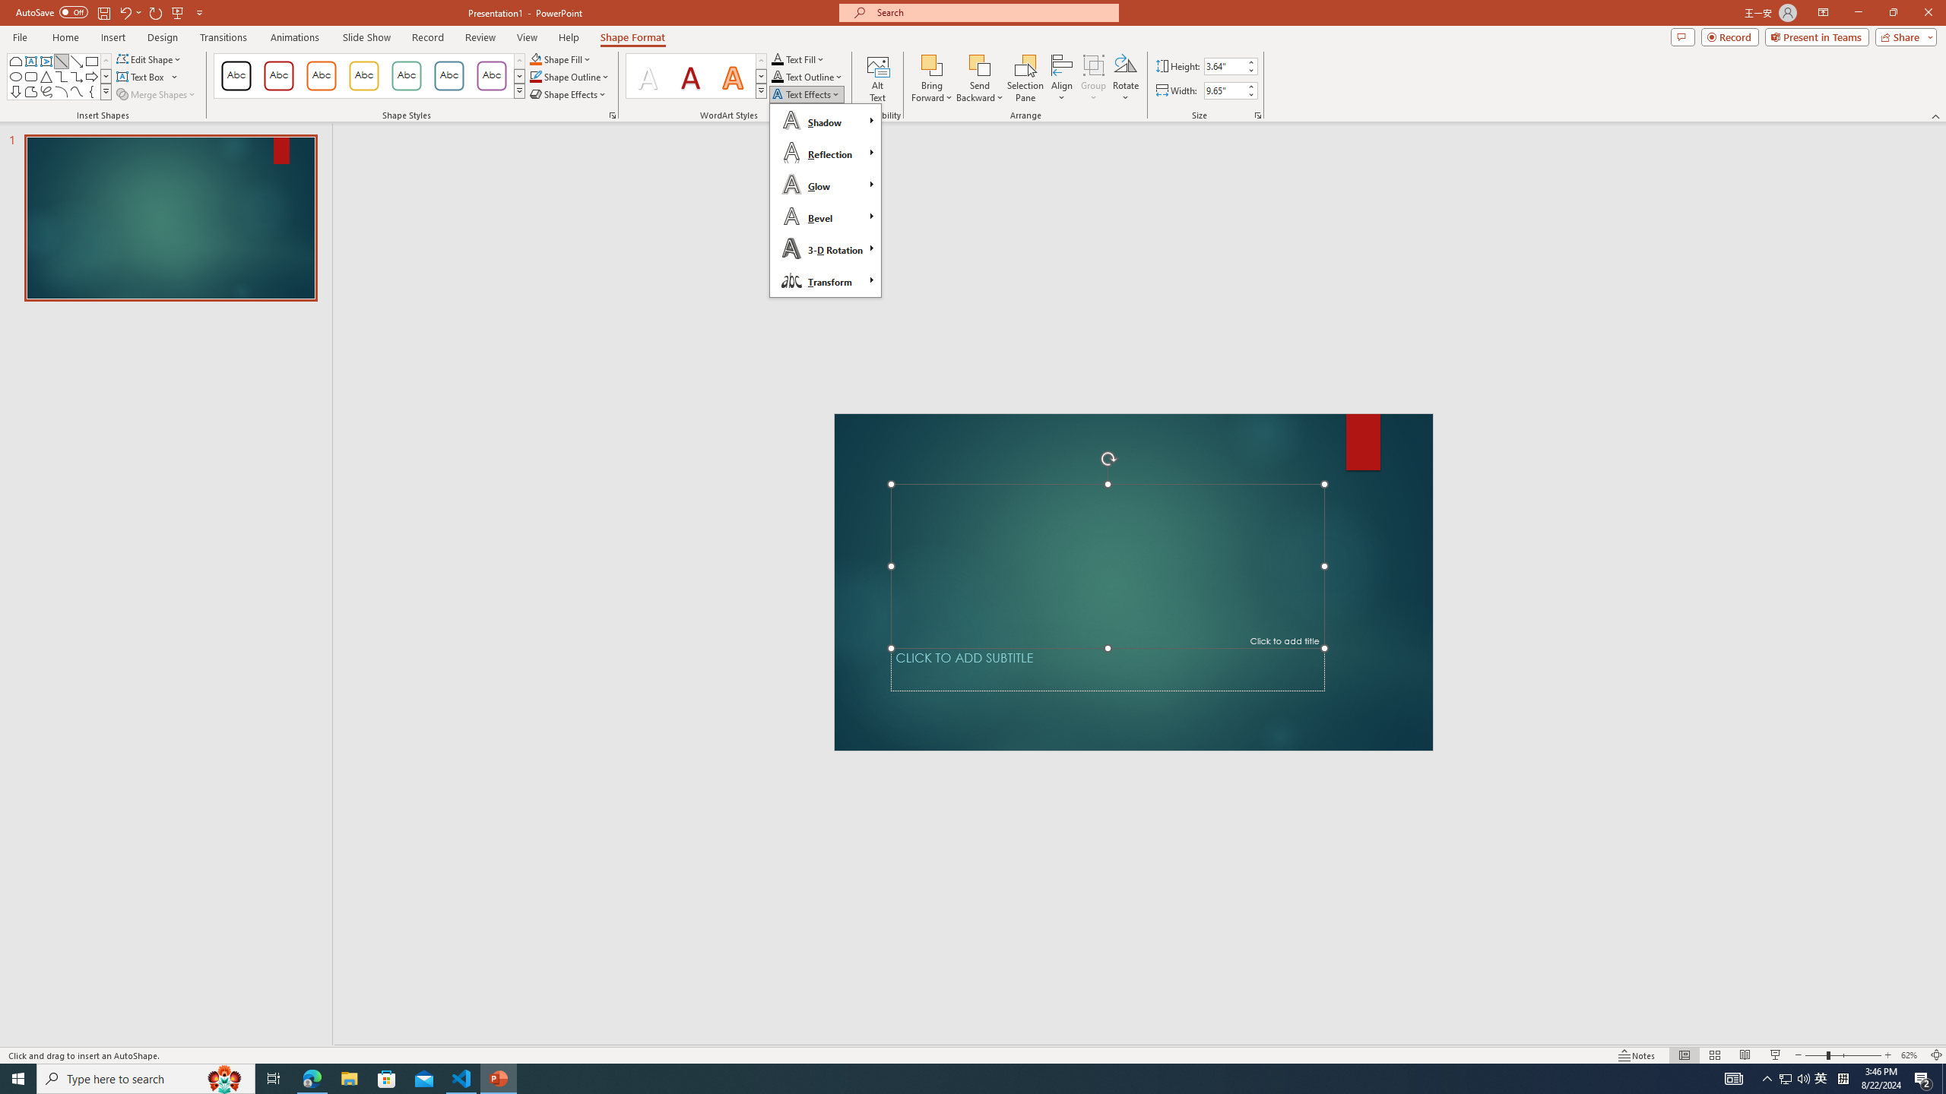 The height and width of the screenshot is (1094, 1946). I want to click on 'Colored Outline - Orange, Accent 2', so click(320, 75).